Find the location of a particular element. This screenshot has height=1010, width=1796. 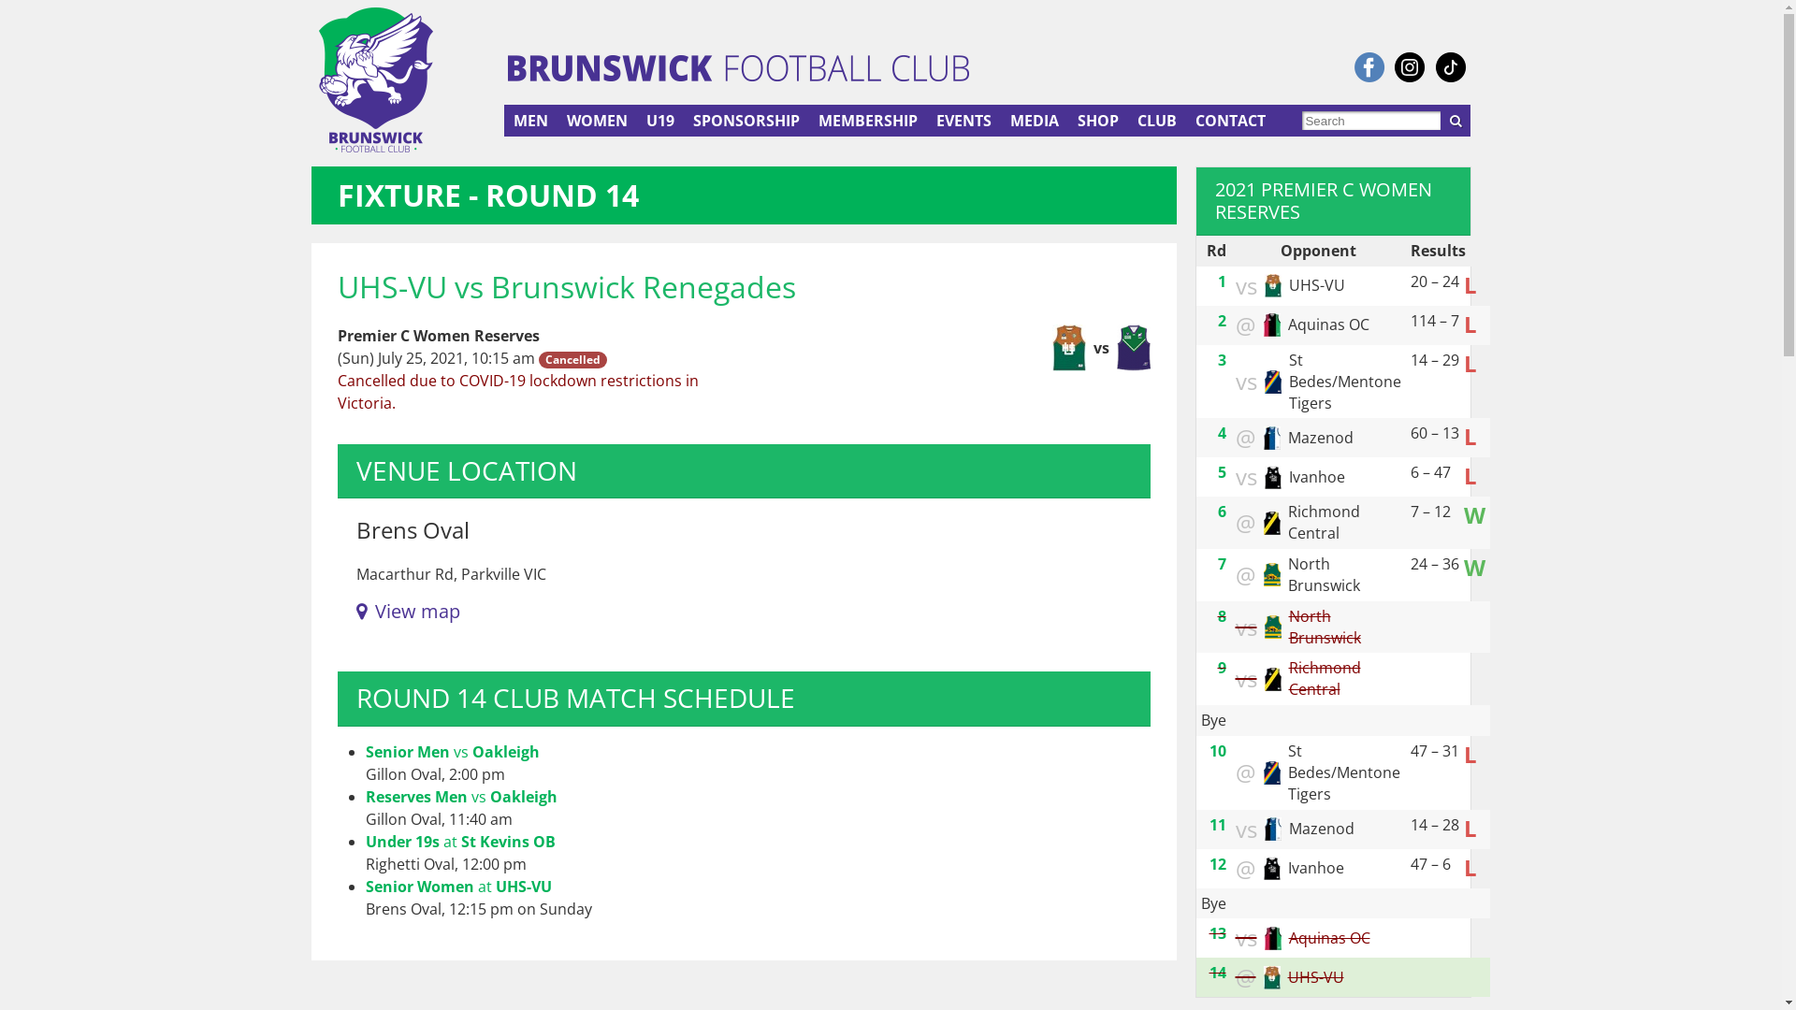

'MEN' is located at coordinates (503, 120).